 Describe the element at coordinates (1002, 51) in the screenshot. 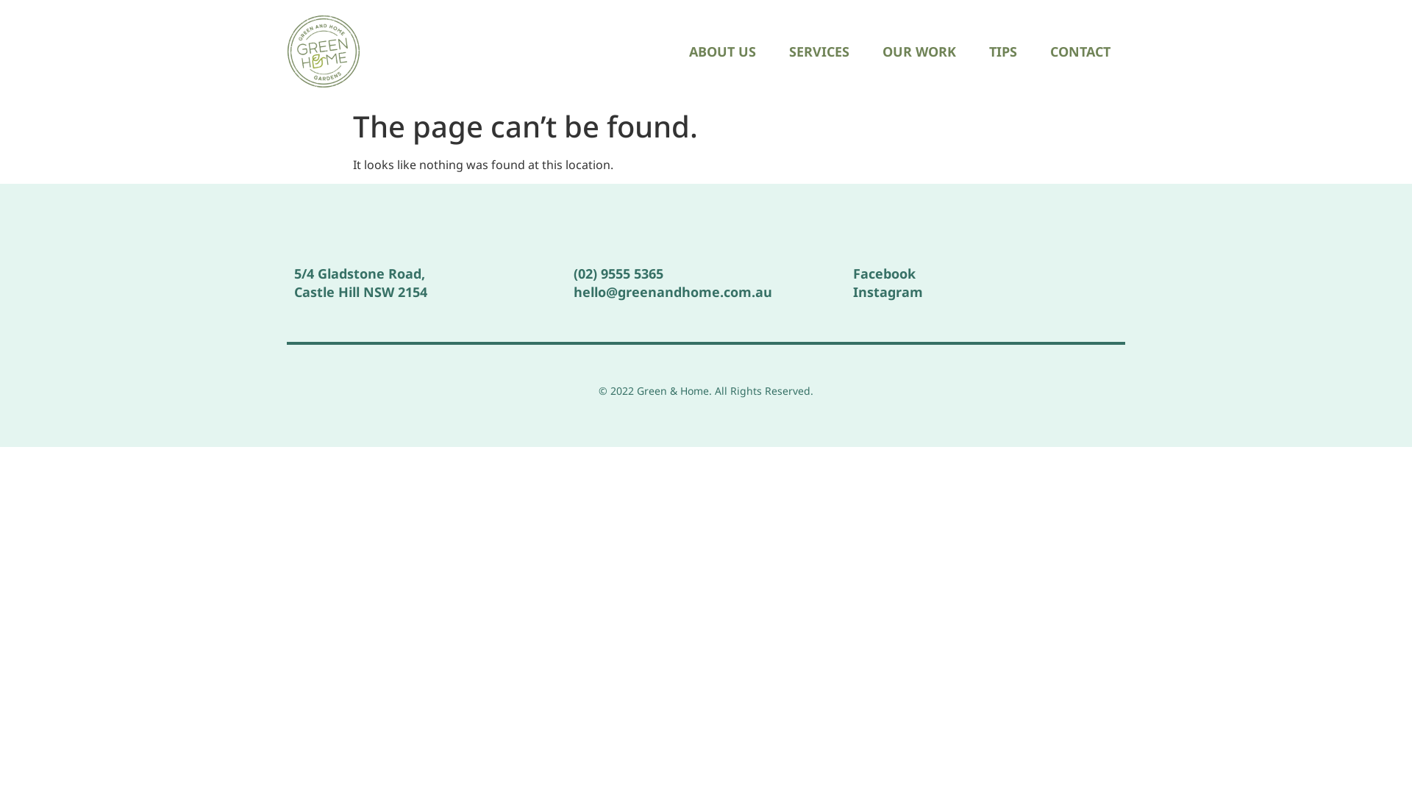

I see `'TIPS'` at that location.